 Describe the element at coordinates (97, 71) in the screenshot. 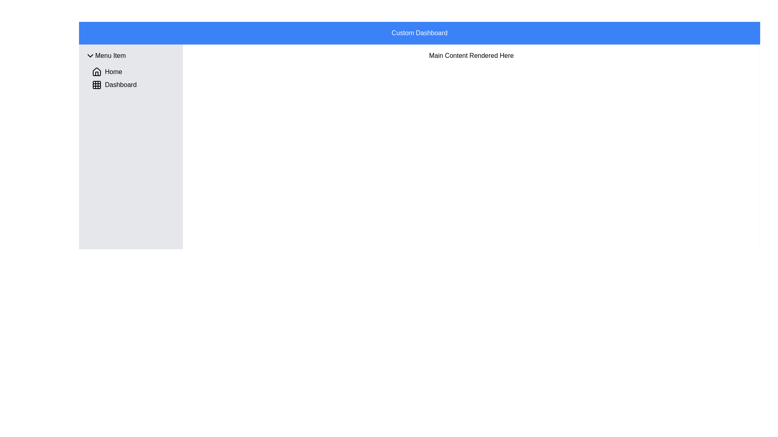

I see `the 'Home' menu icon located in the sidebar under the title 'Menu Item', which visually represents the home option` at that location.